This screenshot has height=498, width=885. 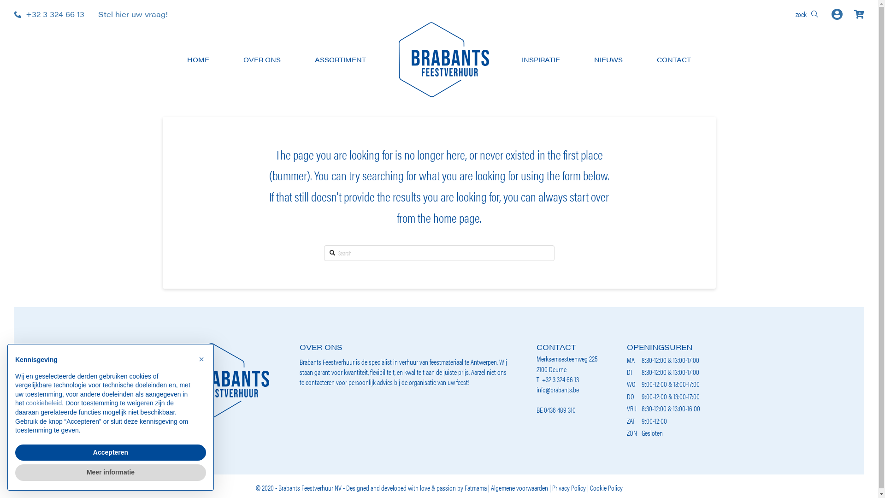 I want to click on '+32 3 324 66 13', so click(x=48, y=14).